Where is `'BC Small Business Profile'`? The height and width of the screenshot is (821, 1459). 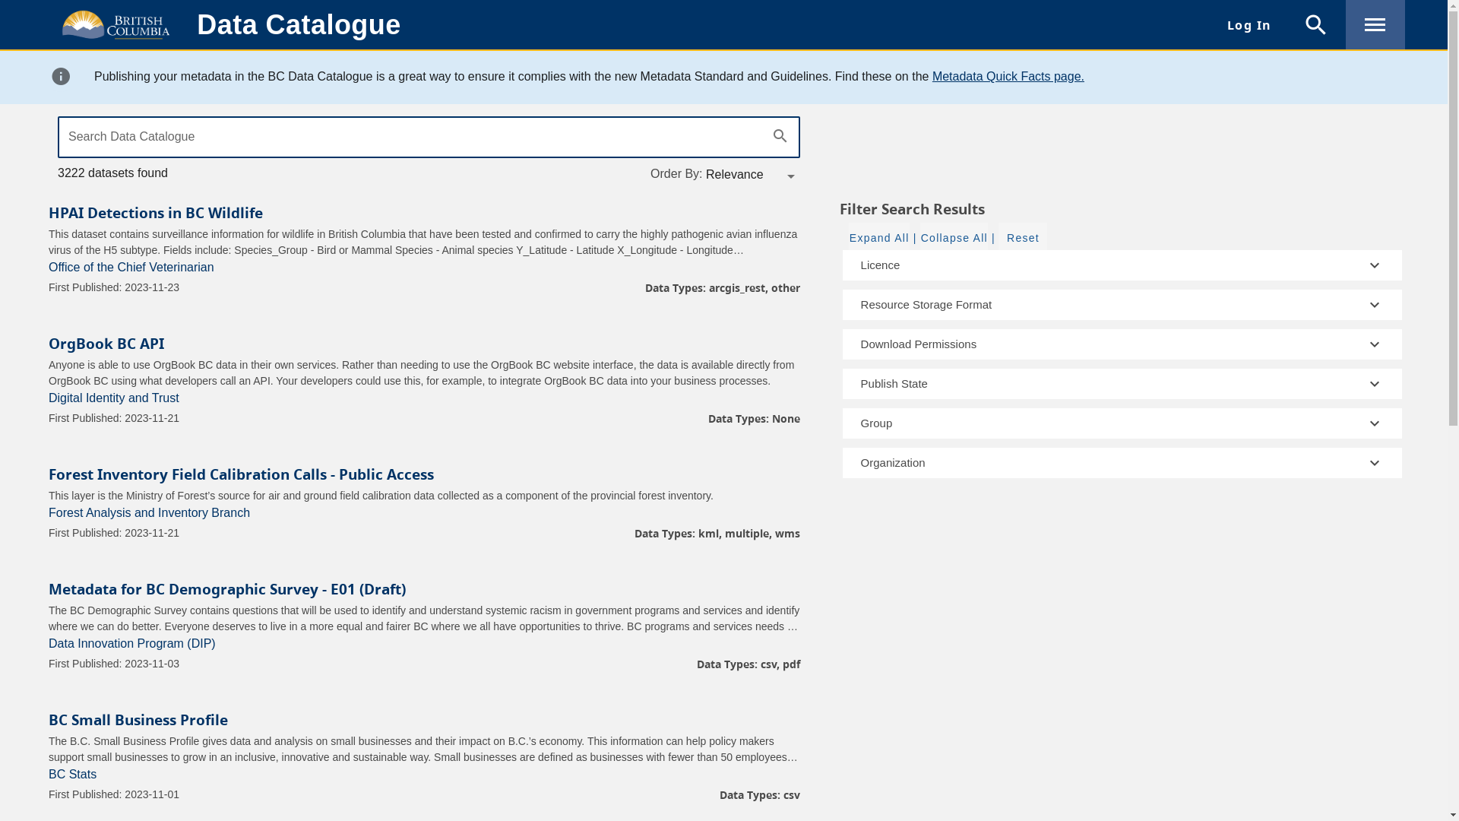
'BC Small Business Profile' is located at coordinates (138, 718).